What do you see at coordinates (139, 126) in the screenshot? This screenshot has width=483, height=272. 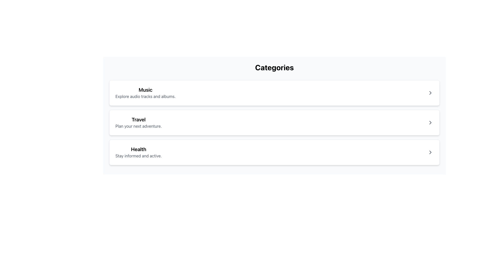 I see `the text label that contains 'Plan your next adventure.', which is styled in gray and positioned below the bold title 'Travel' in the card layout` at bounding box center [139, 126].